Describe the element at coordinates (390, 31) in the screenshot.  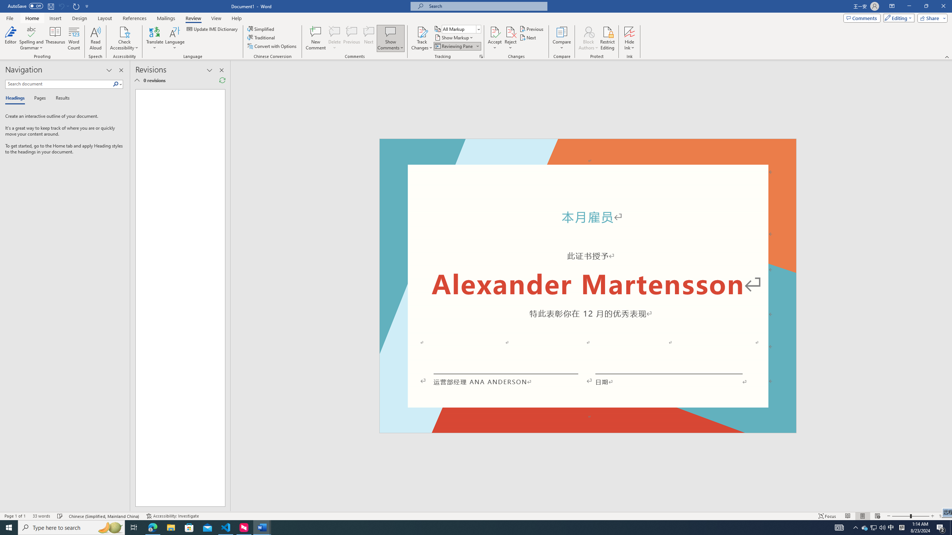
I see `'Show Comments'` at that location.